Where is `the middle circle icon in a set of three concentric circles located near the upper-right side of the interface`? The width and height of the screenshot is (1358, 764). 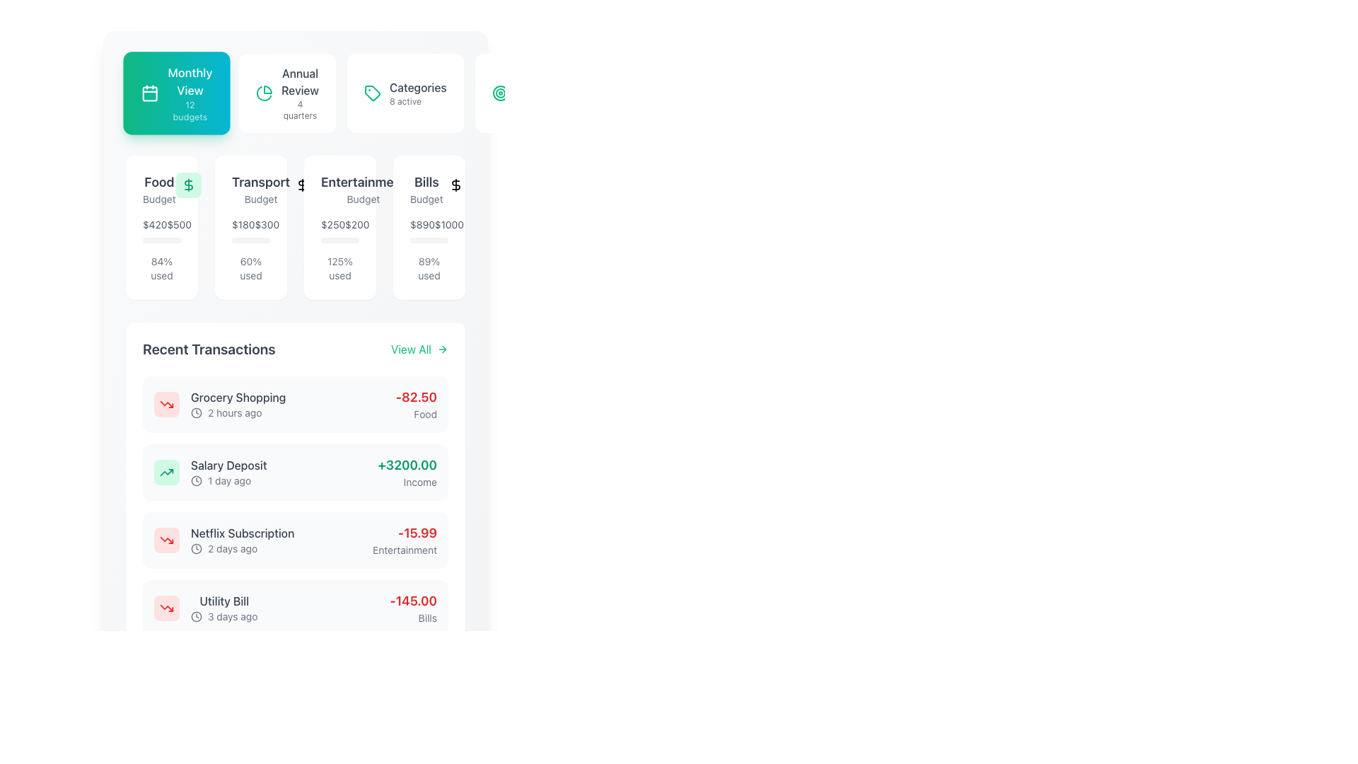
the middle circle icon in a set of three concentric circles located near the upper-right side of the interface is located at coordinates (500, 93).